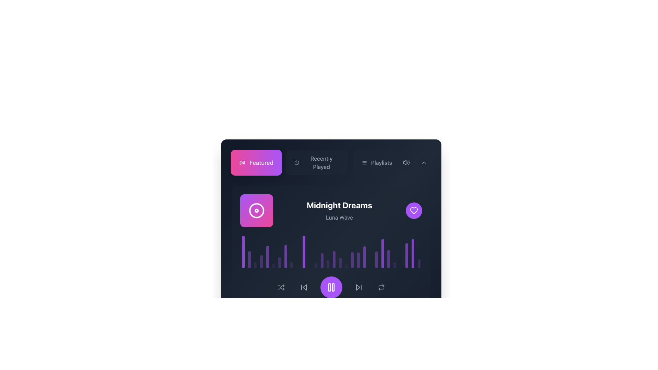 This screenshot has height=370, width=658. I want to click on the 'Recently Played' button, which is a rectangular button with a dark gray background and text in the center, so click(317, 162).